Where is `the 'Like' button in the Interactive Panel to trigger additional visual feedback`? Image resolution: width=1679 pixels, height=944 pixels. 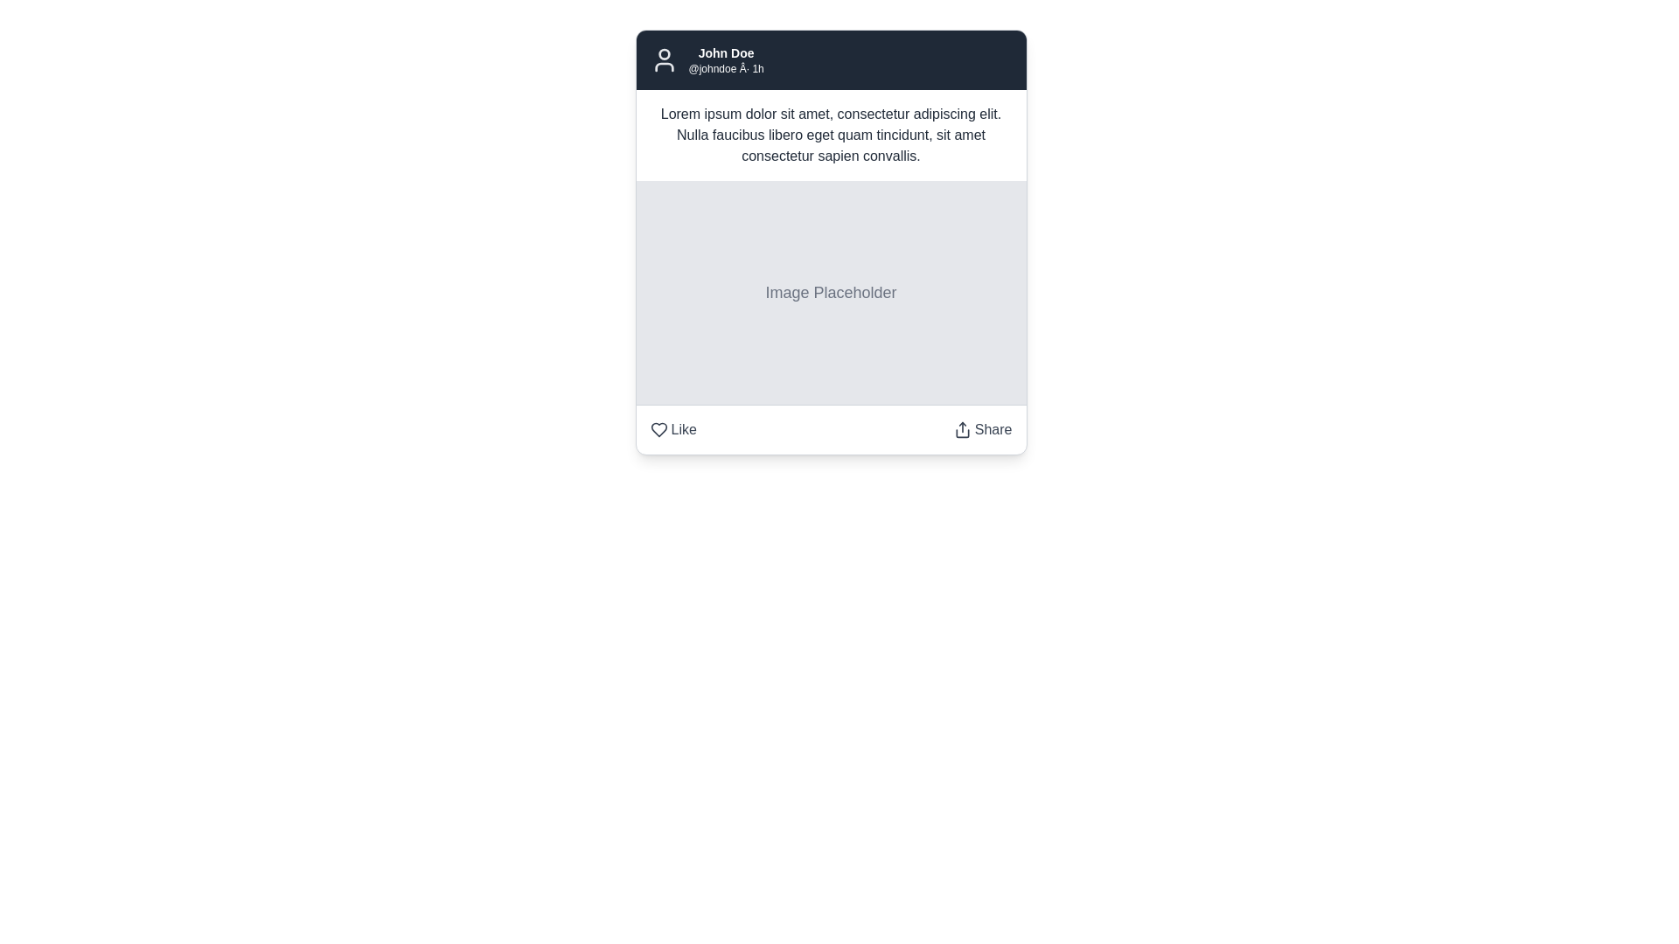 the 'Like' button in the Interactive Panel to trigger additional visual feedback is located at coordinates (830, 429).